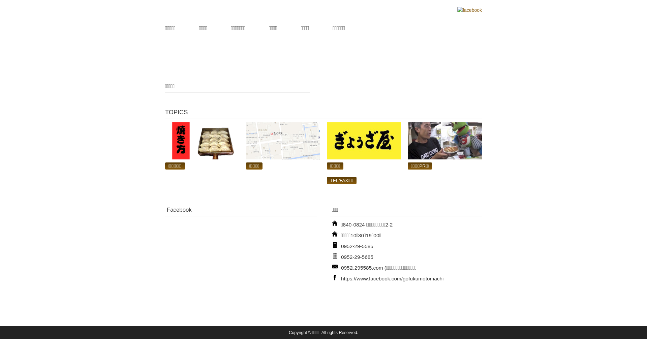 This screenshot has width=647, height=364. Describe the element at coordinates (392, 278) in the screenshot. I see `'https://www.facebook.com/gofukumotomachi'` at that location.